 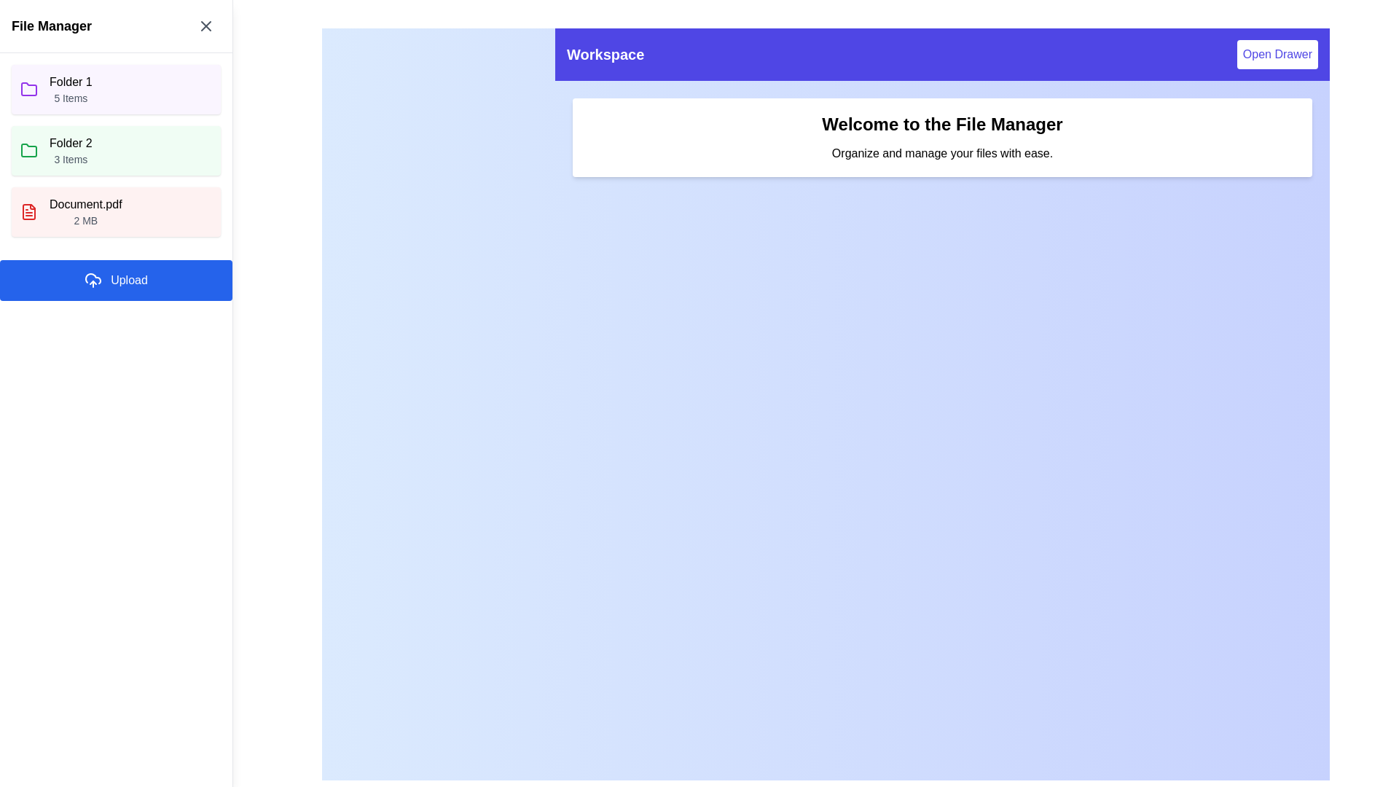 What do you see at coordinates (606, 53) in the screenshot?
I see `title label located at the top left of the workspace section, which indicates the current context or view` at bounding box center [606, 53].